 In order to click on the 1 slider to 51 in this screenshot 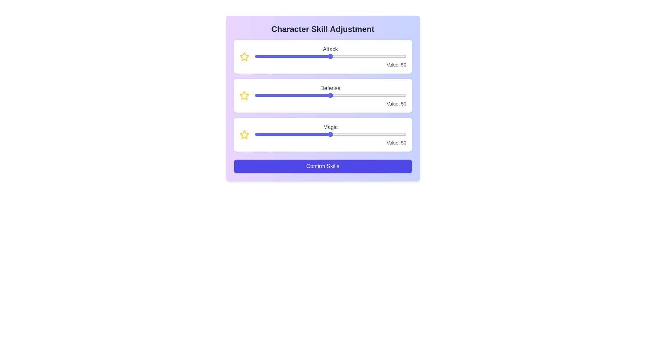, I will do `click(368, 95)`.